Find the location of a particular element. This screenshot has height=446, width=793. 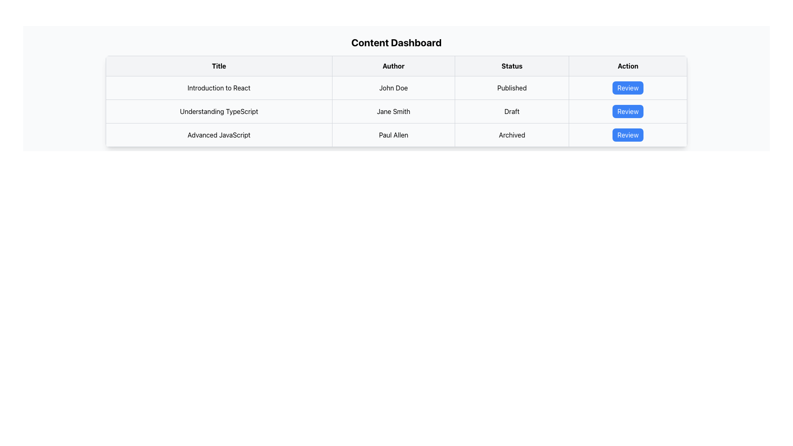

the blue 'Review' button with rounded corners located in the first row of the 'Action' column is located at coordinates (628, 88).